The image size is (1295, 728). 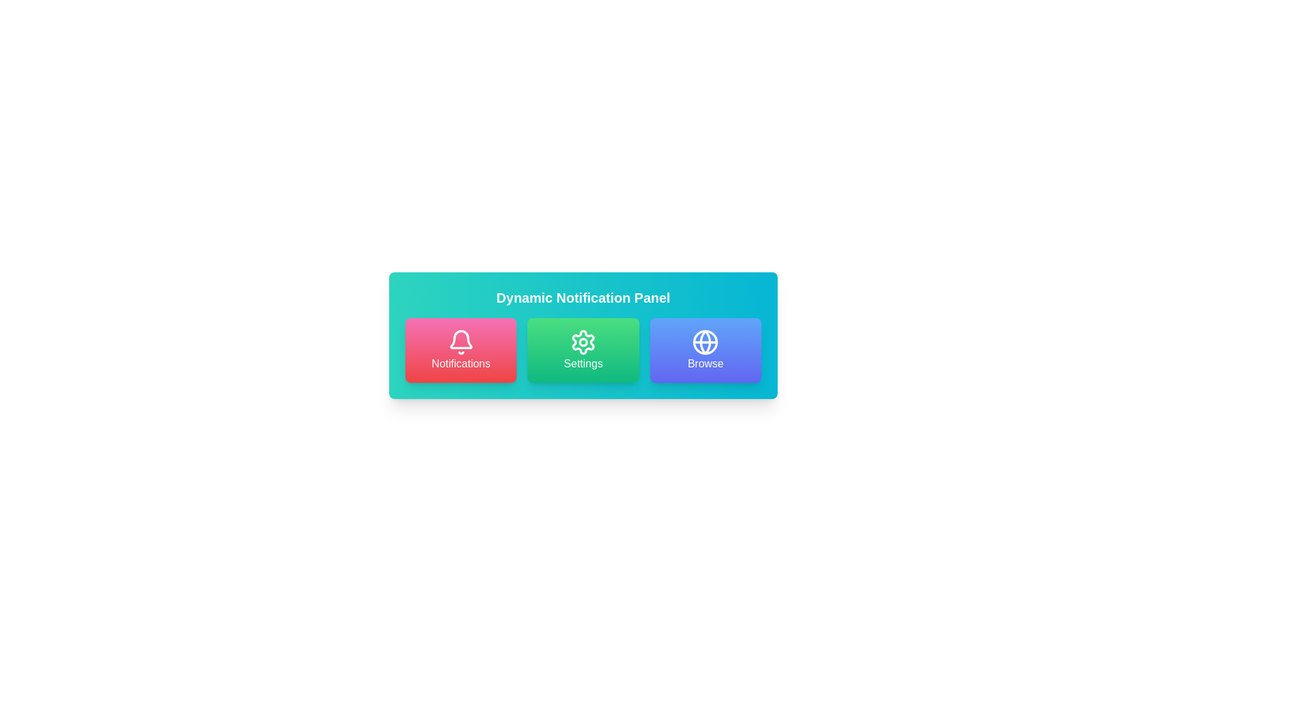 What do you see at coordinates (583, 364) in the screenshot?
I see `the 'Settings' text label located in the middle segment of a horizontal trio, positioned below the settings icon within a green highlighted box` at bounding box center [583, 364].